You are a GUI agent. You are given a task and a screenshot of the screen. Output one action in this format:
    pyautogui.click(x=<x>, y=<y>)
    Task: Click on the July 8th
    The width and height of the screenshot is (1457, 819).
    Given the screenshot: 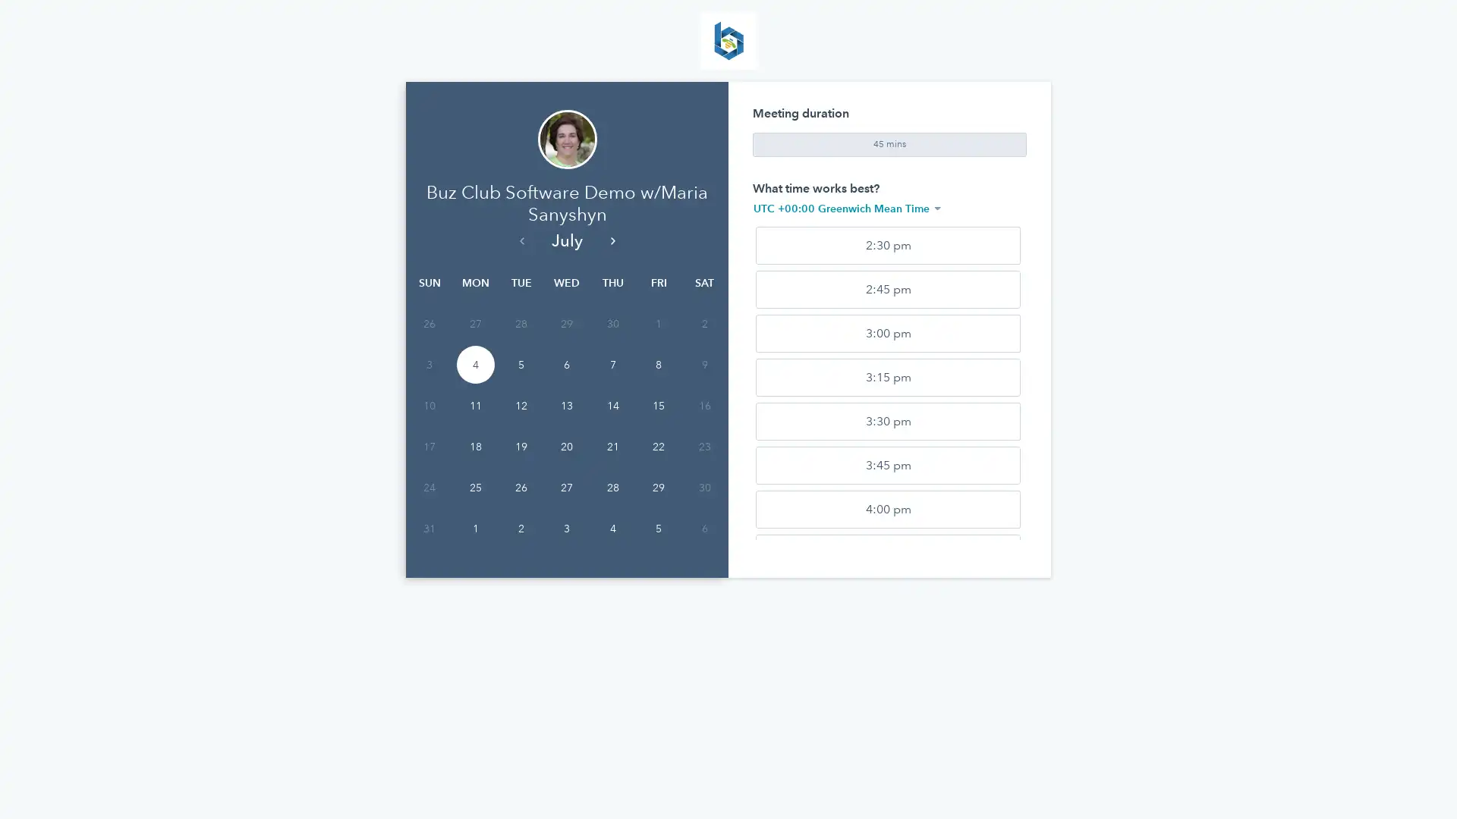 What is the action you would take?
    pyautogui.click(x=659, y=365)
    